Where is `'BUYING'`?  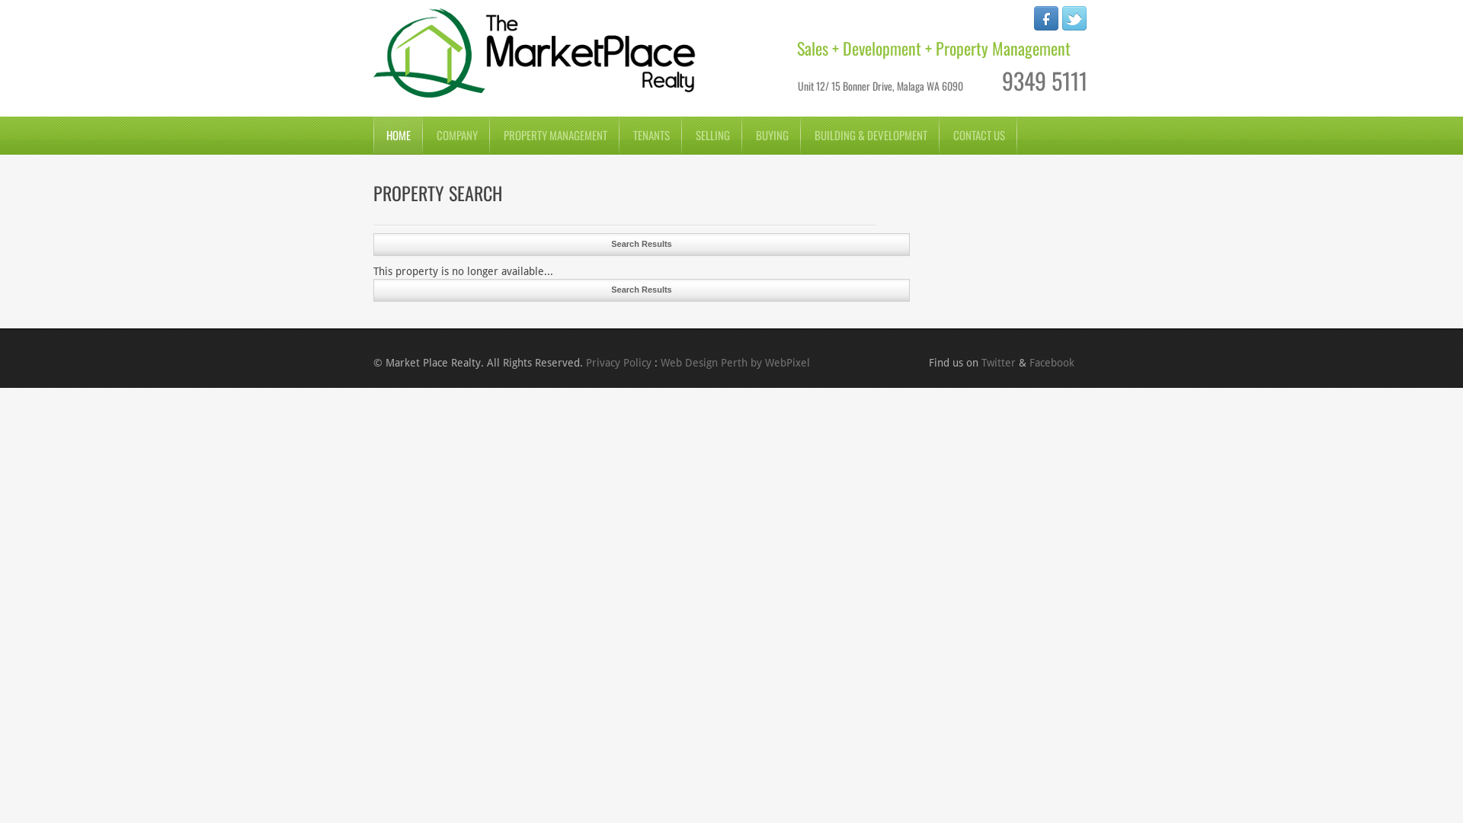 'BUYING' is located at coordinates (771, 134).